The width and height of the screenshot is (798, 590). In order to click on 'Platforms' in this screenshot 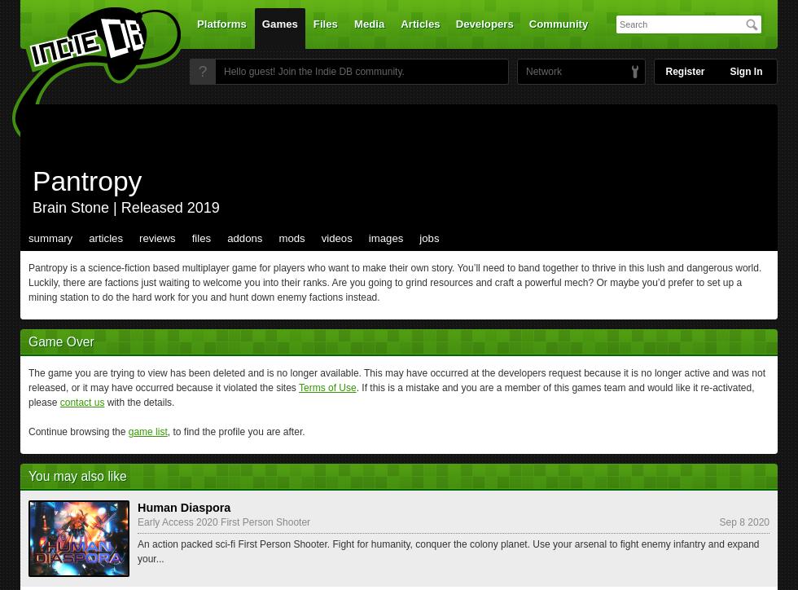, I will do `click(196, 24)`.